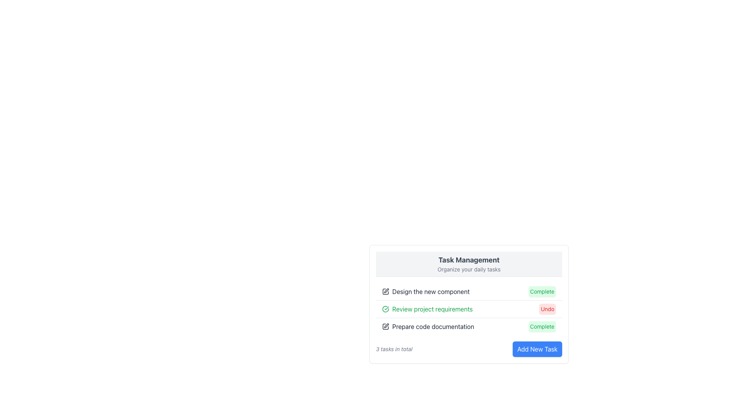  I want to click on the text label that displays the title of the first task in the task management interface, which is aligned horizontally with an editing icon, so click(430, 291).